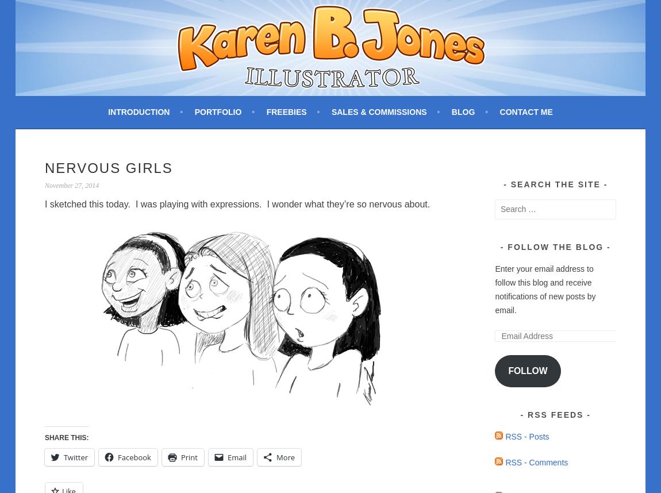 The width and height of the screenshot is (661, 493). What do you see at coordinates (378, 112) in the screenshot?
I see `'Sales & Commissions'` at bounding box center [378, 112].